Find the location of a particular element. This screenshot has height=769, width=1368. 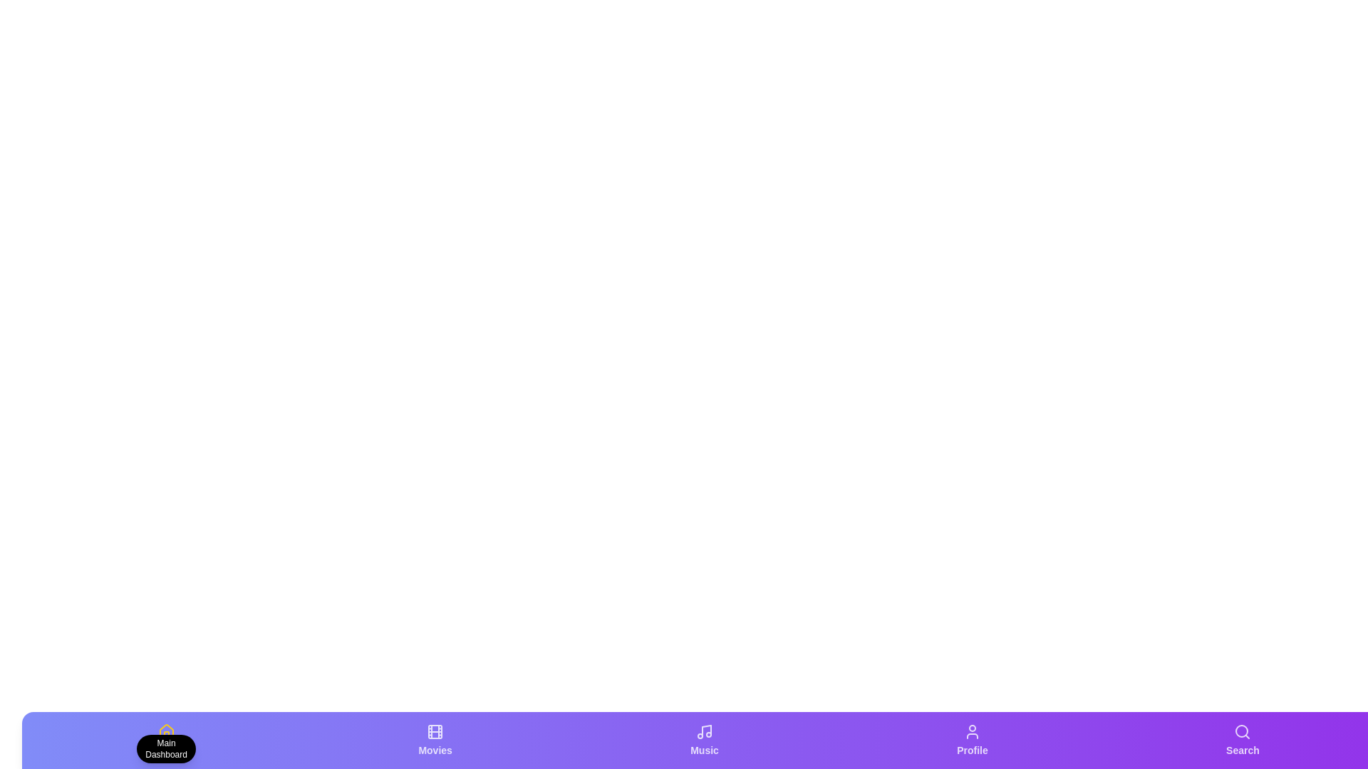

the Movies tab by clicking on it is located at coordinates (434, 740).